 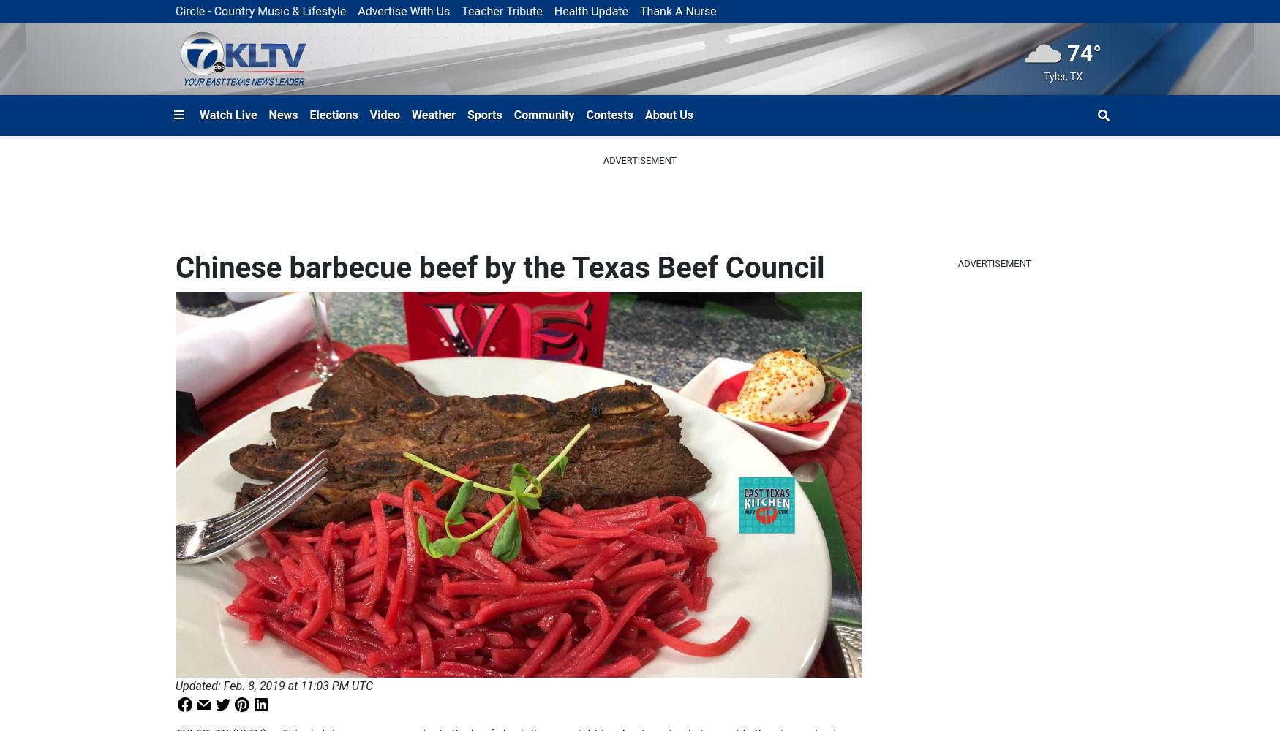 What do you see at coordinates (334, 114) in the screenshot?
I see `'Elections'` at bounding box center [334, 114].